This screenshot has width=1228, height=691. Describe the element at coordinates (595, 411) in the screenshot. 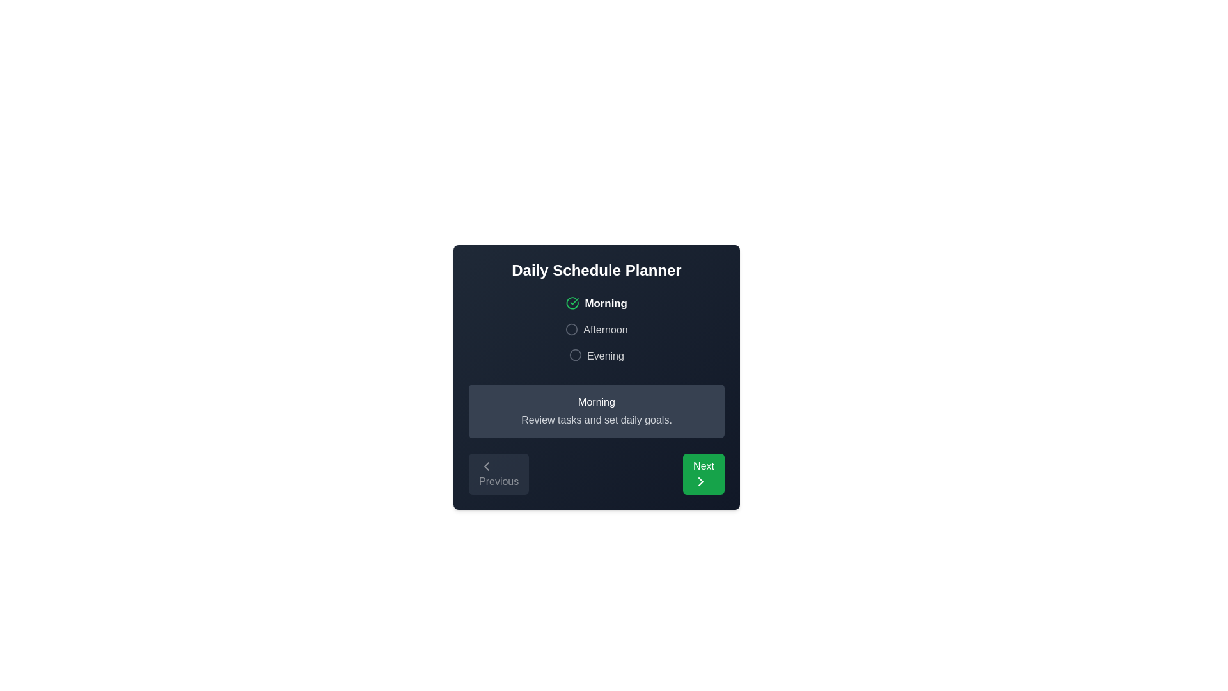

I see `the informational text block that provides details about the 'Morning' schedule option, located below the 'Morning', 'Afternoon', and 'Evening' options, and above the 'Previous' and 'Next' navigation options in the 'Daily Schedule Planner' panel` at that location.